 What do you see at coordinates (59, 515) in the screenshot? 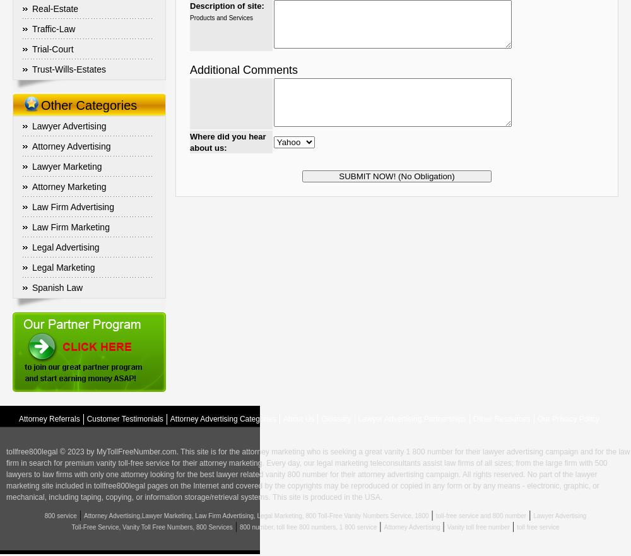
I see `'800 service'` at bounding box center [59, 515].